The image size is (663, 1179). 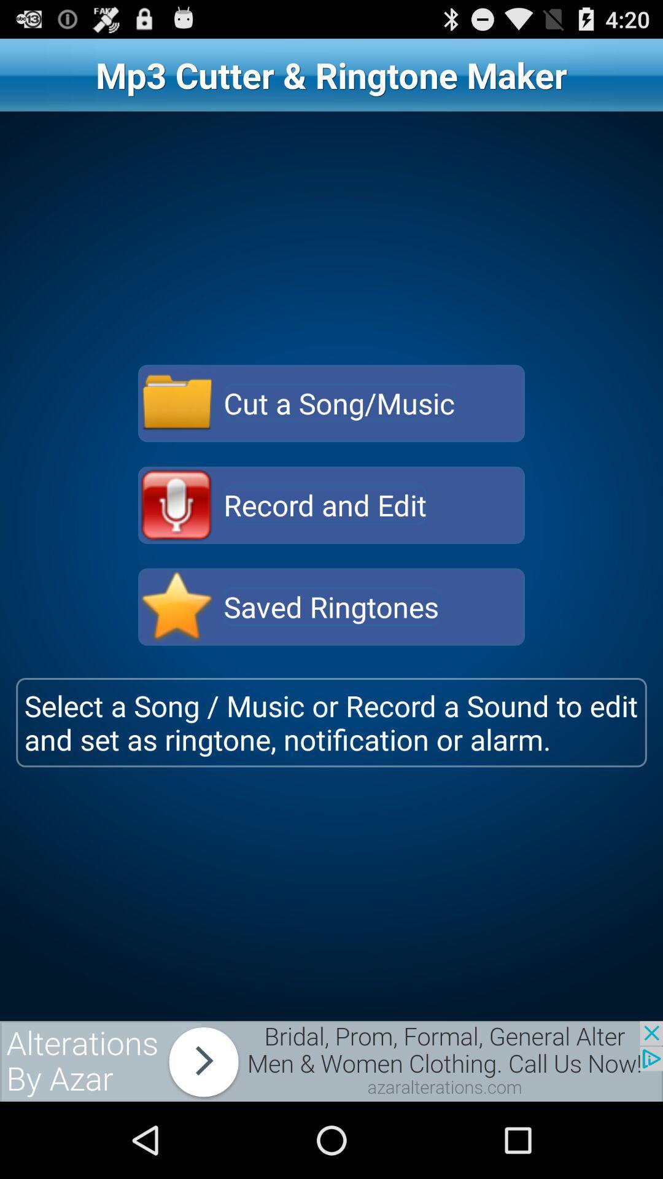 What do you see at coordinates (177, 505) in the screenshot?
I see `record and edit option` at bounding box center [177, 505].